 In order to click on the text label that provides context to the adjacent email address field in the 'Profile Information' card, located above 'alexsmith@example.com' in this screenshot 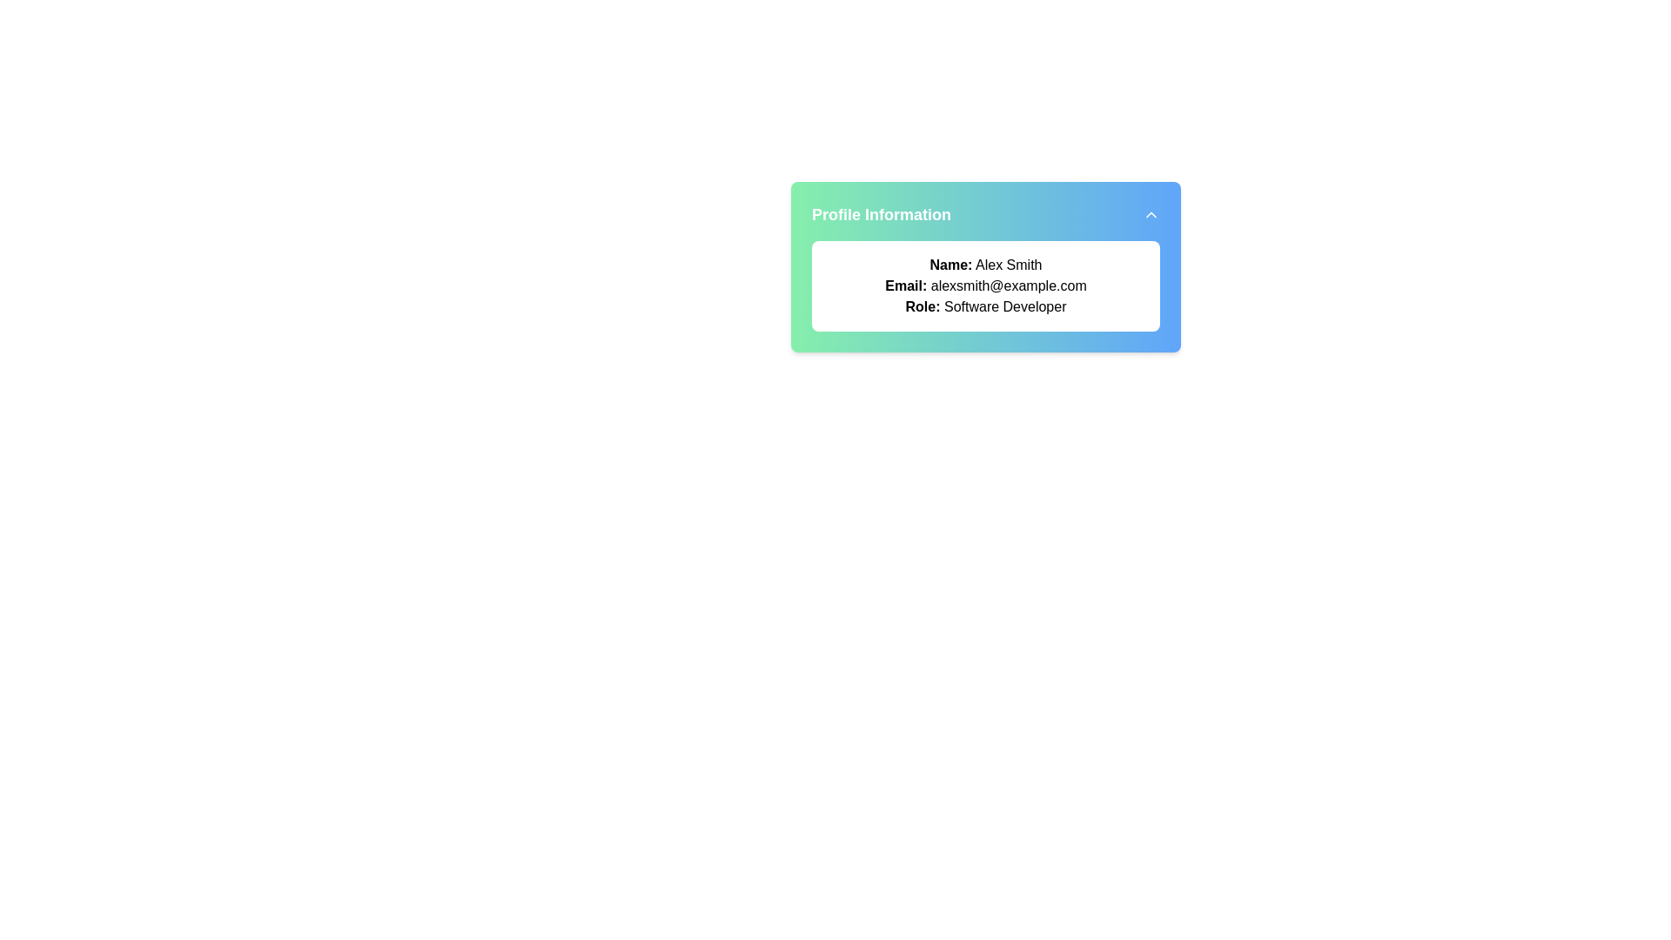, I will do `click(905, 285)`.